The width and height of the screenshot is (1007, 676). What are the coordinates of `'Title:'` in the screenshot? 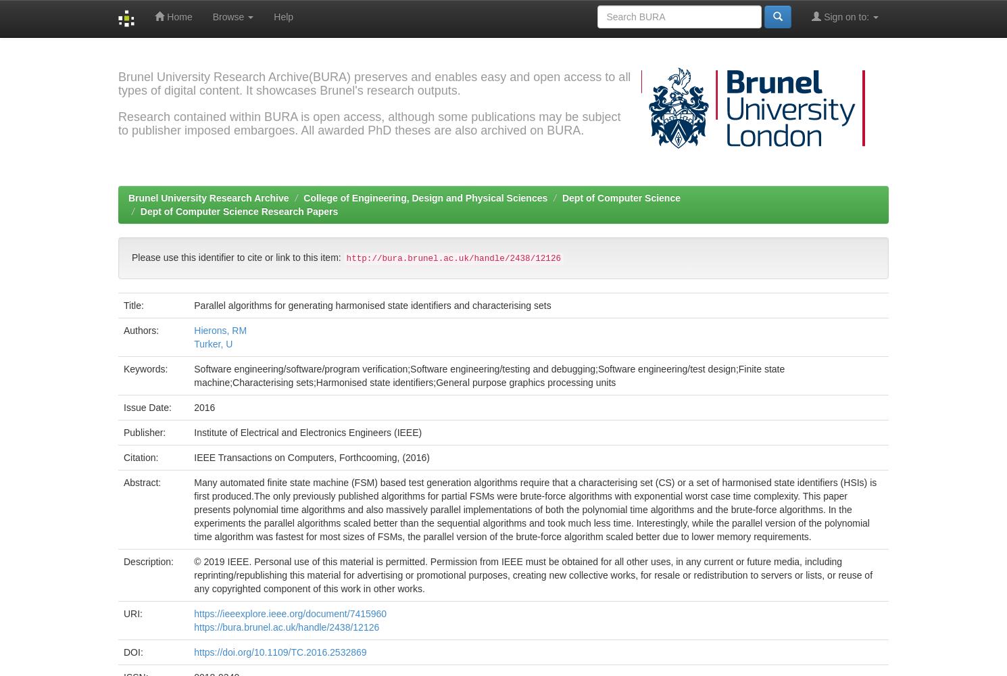 It's located at (134, 304).